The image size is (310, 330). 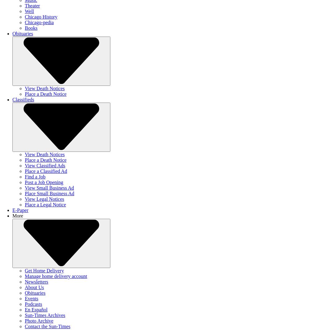 I want to click on 'Classifieds', so click(x=23, y=99).